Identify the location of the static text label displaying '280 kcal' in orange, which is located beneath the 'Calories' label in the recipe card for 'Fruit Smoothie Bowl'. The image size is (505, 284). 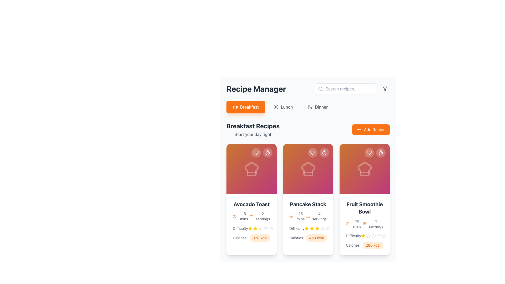
(364, 241).